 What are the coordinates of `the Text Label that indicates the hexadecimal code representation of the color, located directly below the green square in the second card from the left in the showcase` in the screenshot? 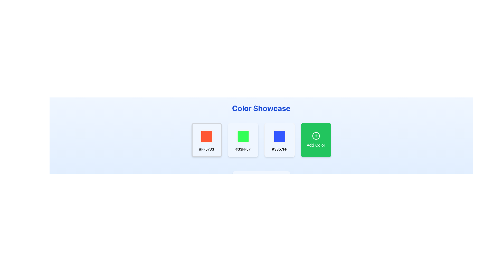 It's located at (243, 149).